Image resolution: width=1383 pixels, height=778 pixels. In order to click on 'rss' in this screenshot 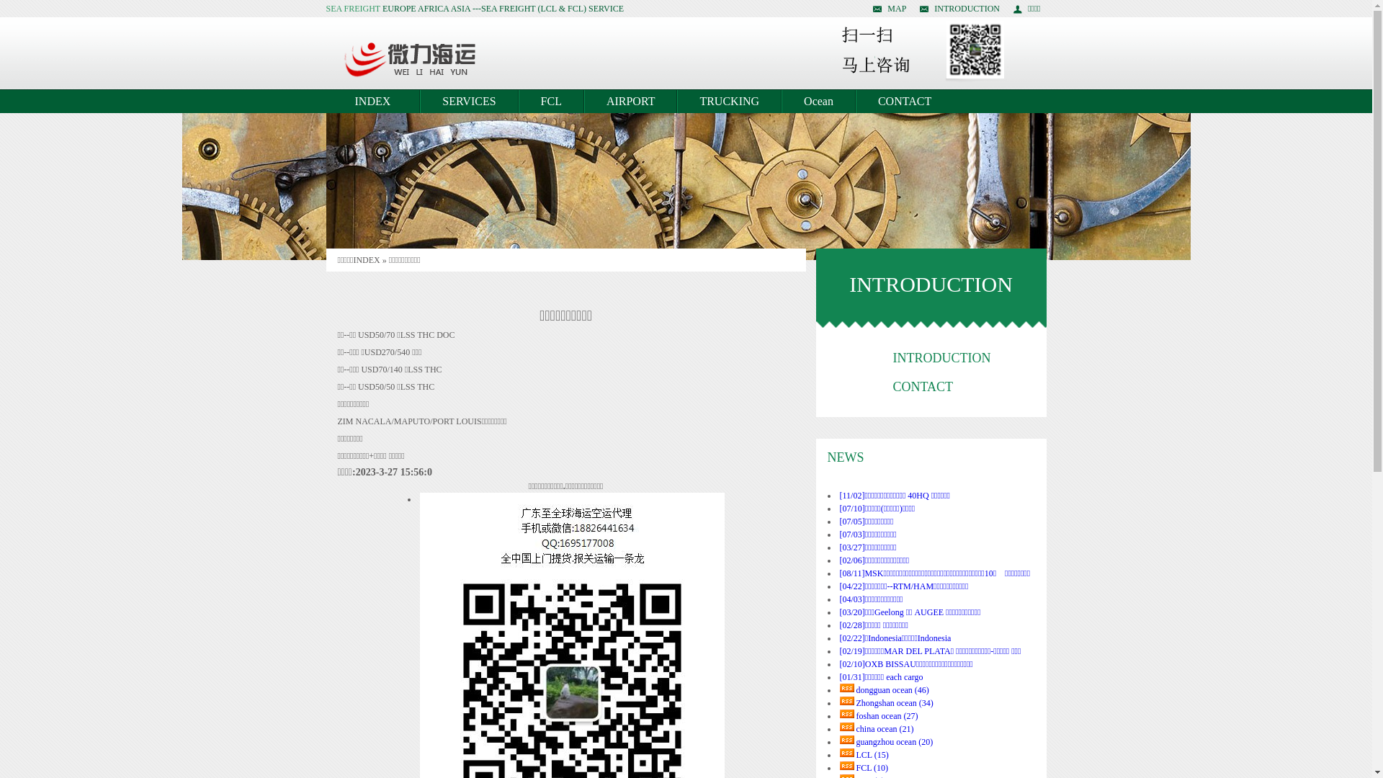, I will do `click(847, 727)`.